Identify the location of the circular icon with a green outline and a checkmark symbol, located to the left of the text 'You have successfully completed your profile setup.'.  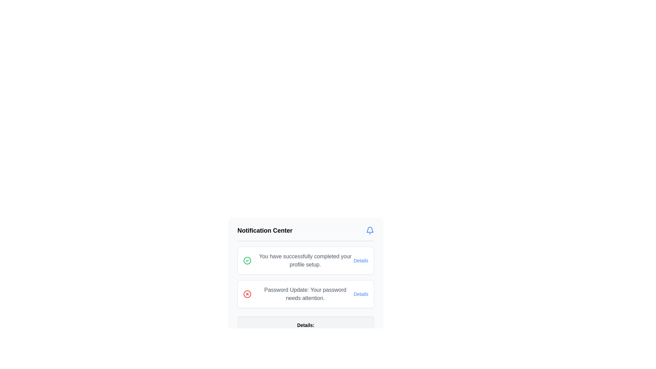
(247, 261).